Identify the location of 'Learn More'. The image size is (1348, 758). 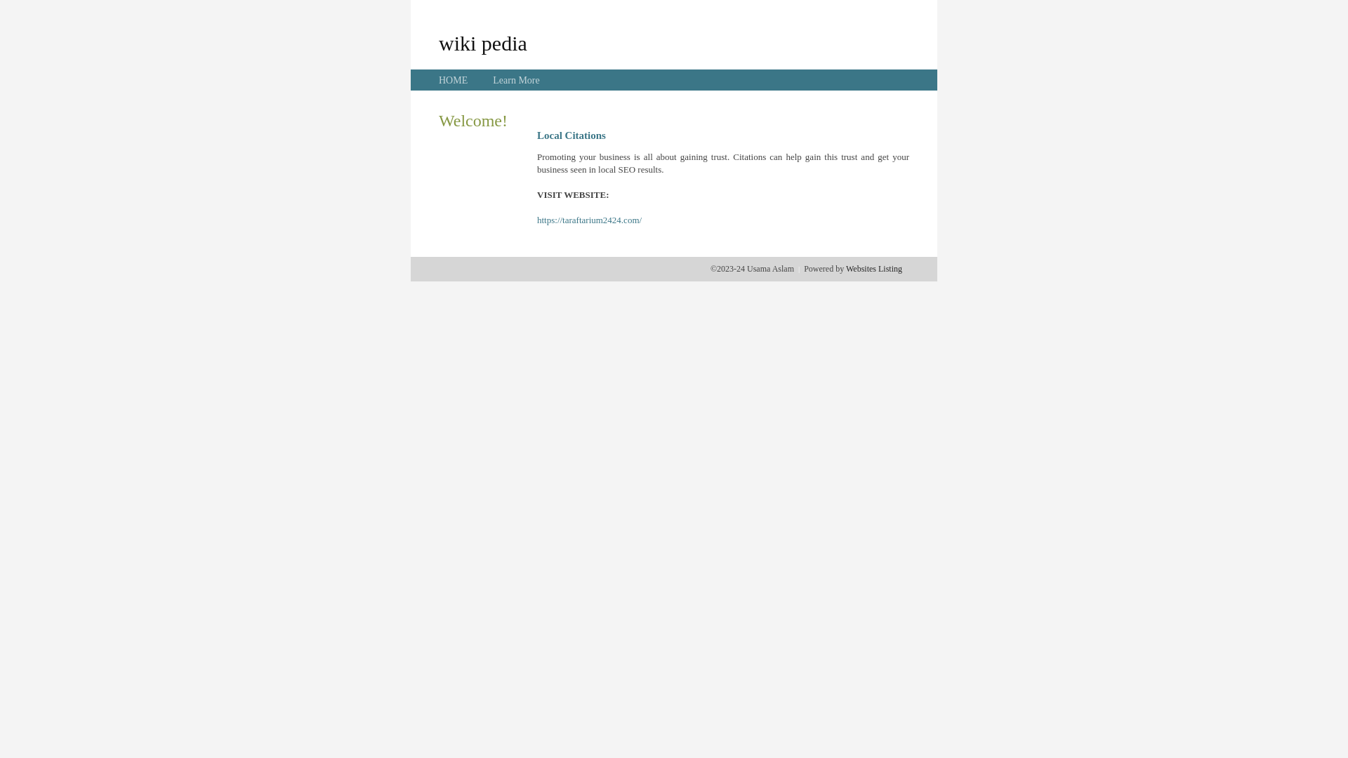
(515, 80).